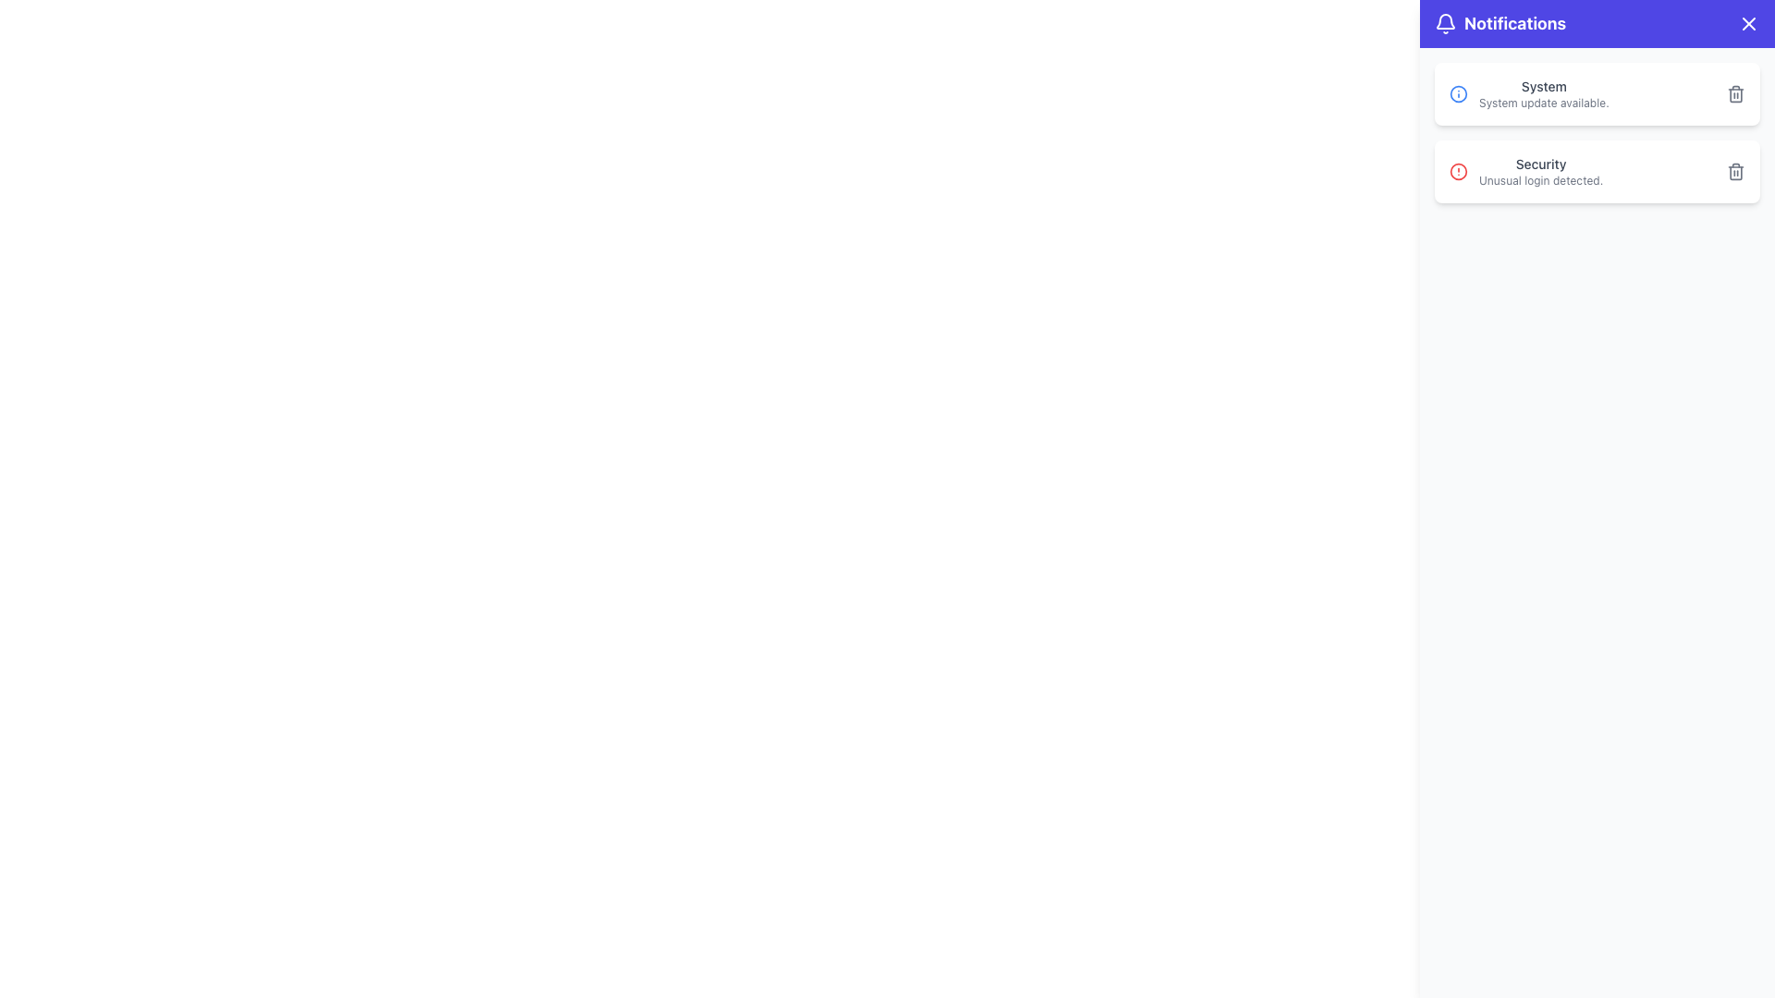 The image size is (1775, 998). Describe the element at coordinates (1734, 173) in the screenshot. I see `the delete button in the 'Security' notification card` at that location.